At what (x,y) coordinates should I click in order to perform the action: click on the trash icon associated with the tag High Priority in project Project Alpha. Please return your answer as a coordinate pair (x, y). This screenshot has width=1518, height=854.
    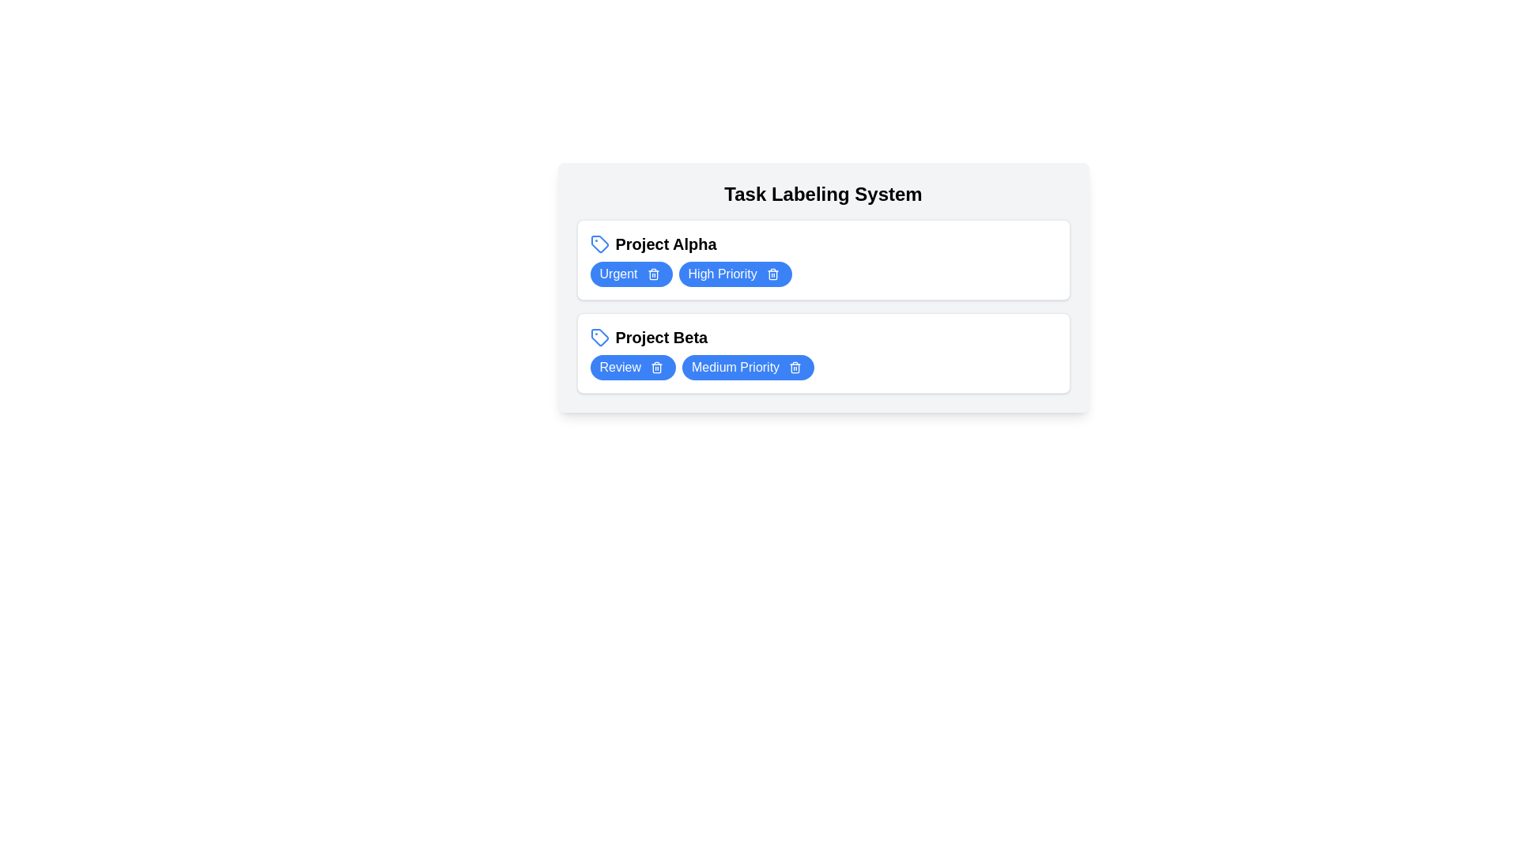
    Looking at the image, I should click on (772, 274).